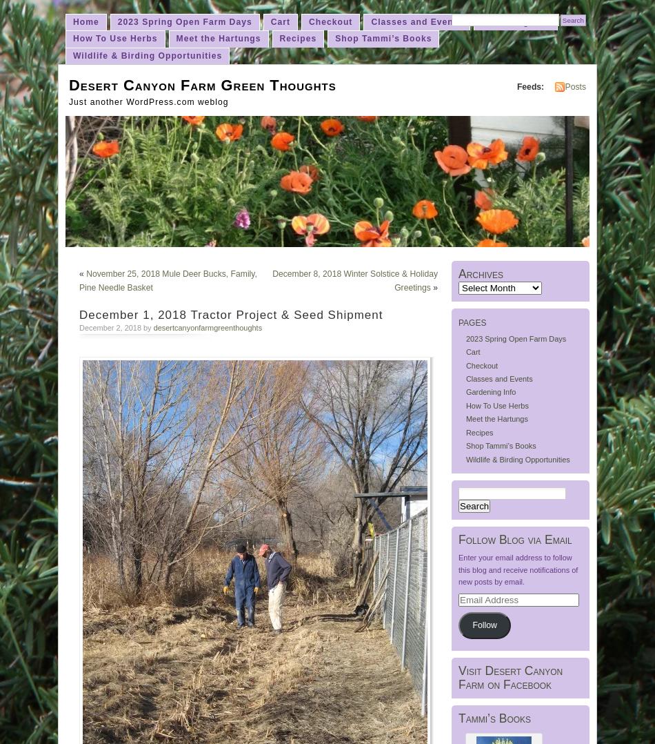  What do you see at coordinates (499, 445) in the screenshot?
I see `'Shop Tammi’s Books'` at bounding box center [499, 445].